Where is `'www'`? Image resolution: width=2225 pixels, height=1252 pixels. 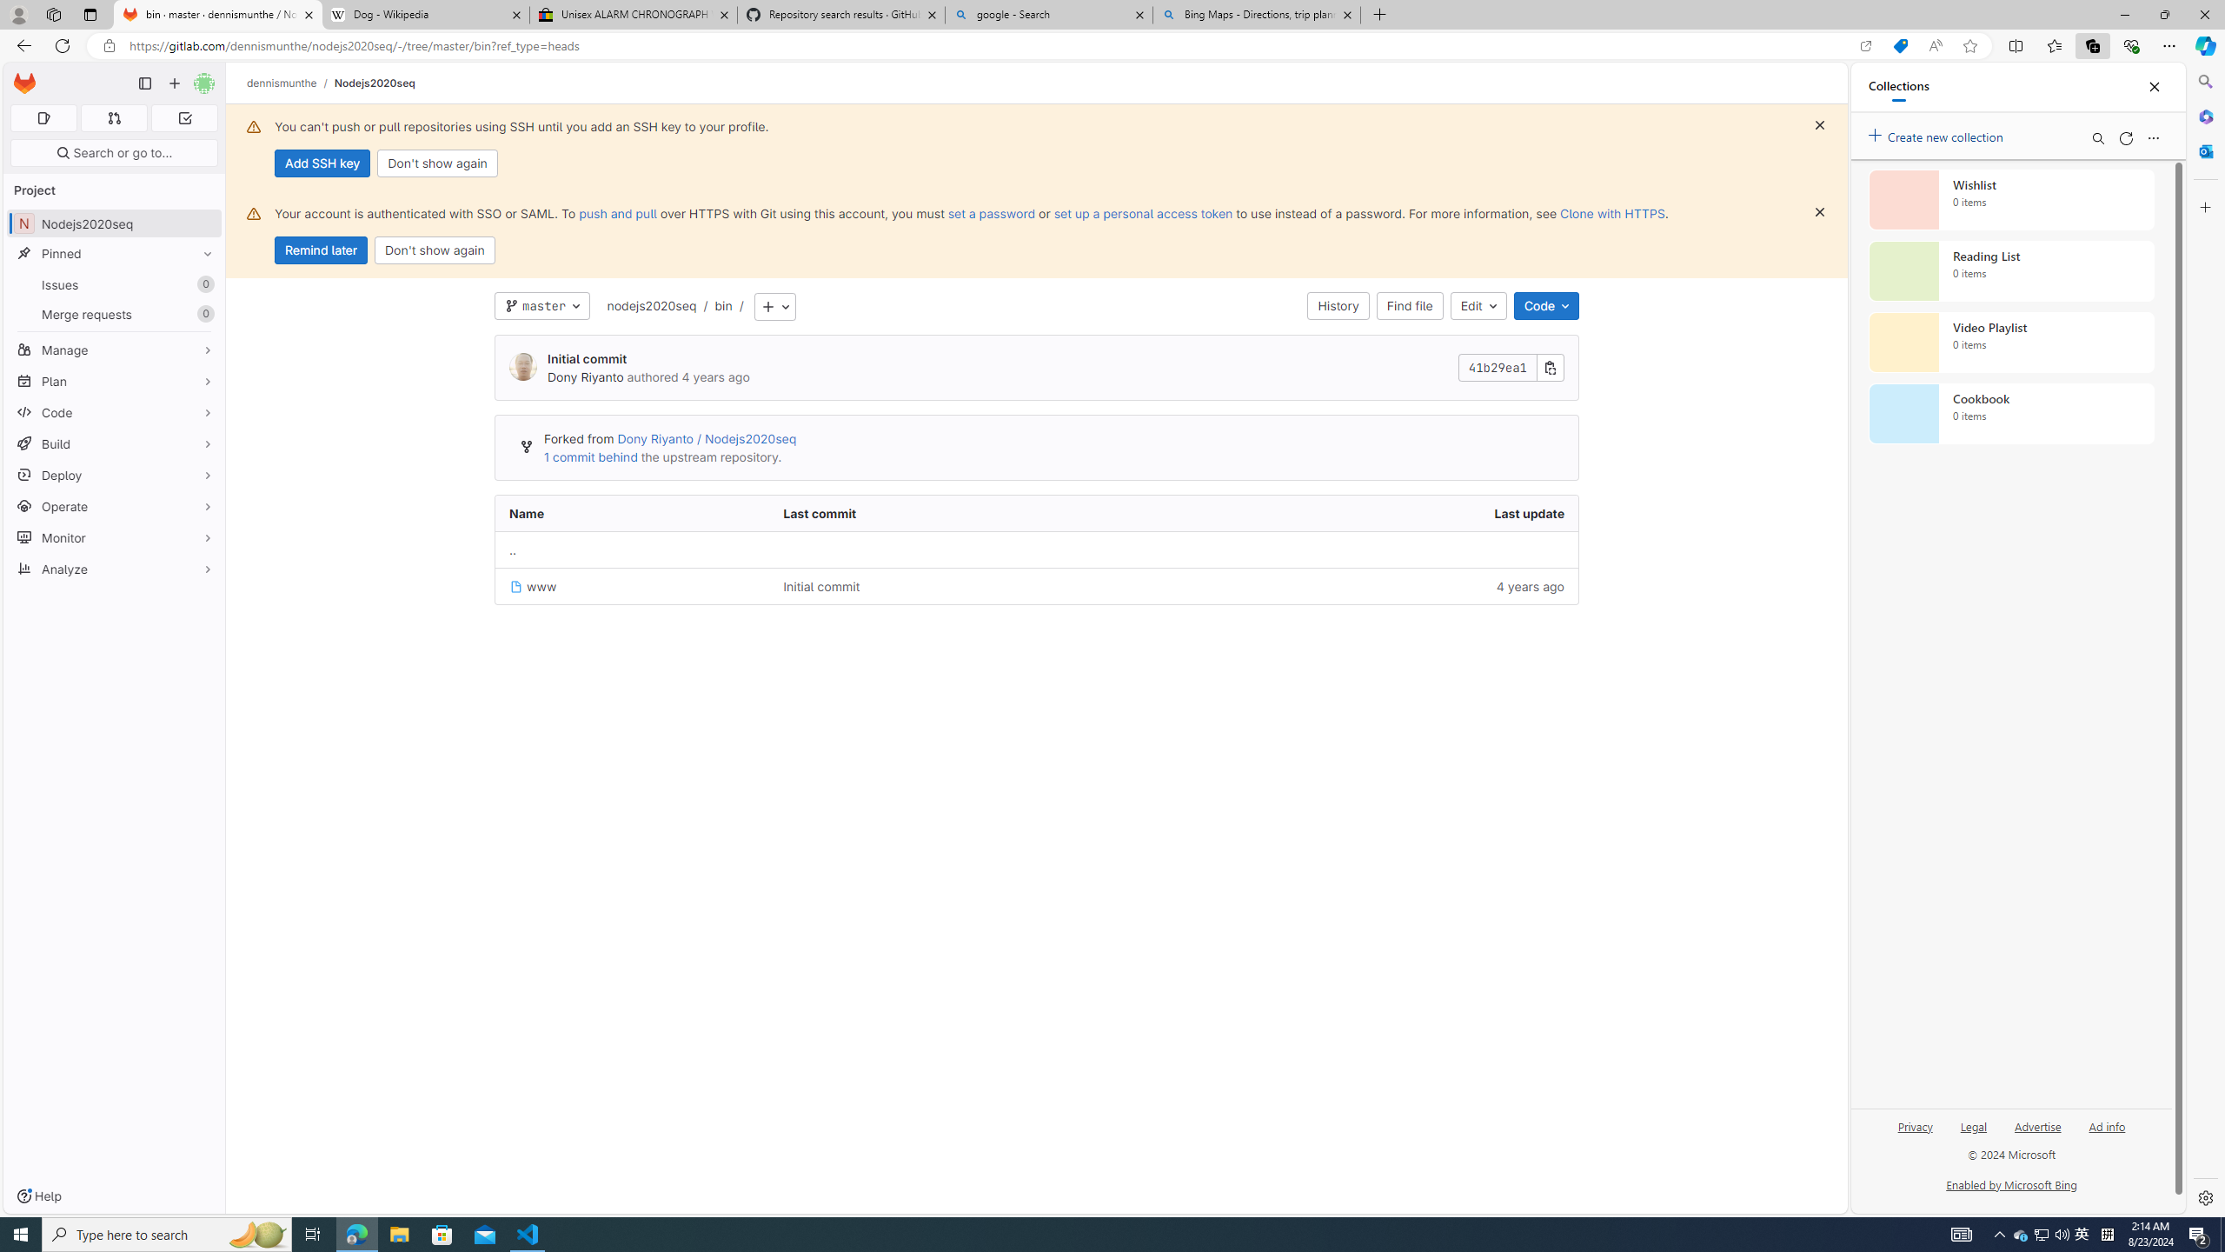 'www' is located at coordinates (632, 585).